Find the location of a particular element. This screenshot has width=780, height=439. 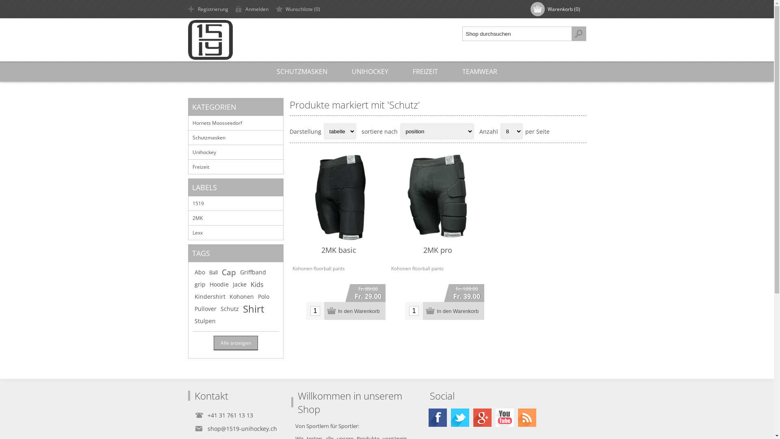

'Kohonen' is located at coordinates (229, 296).